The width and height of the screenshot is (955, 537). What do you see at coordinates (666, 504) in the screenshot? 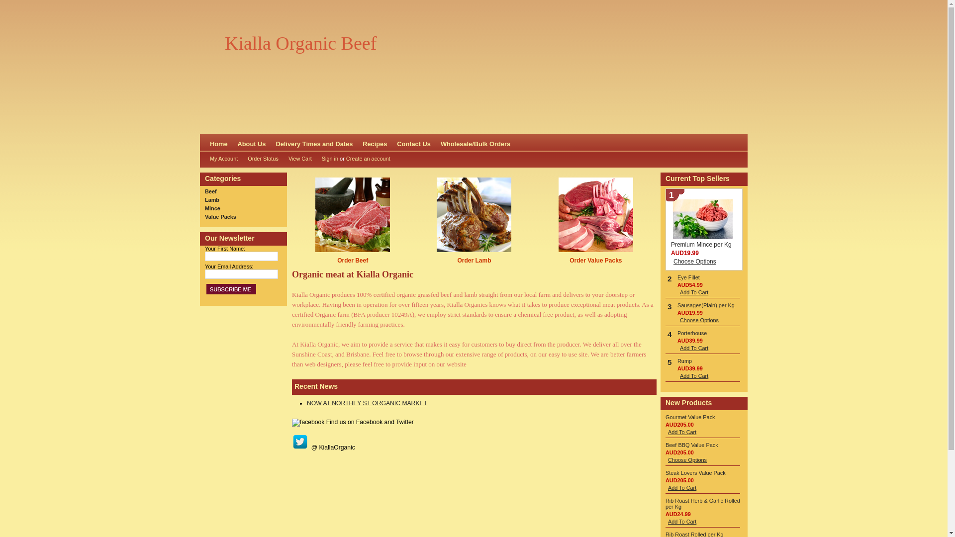
I see `'Rib Roast Herb & Garlic Rolled per Kg'` at bounding box center [666, 504].